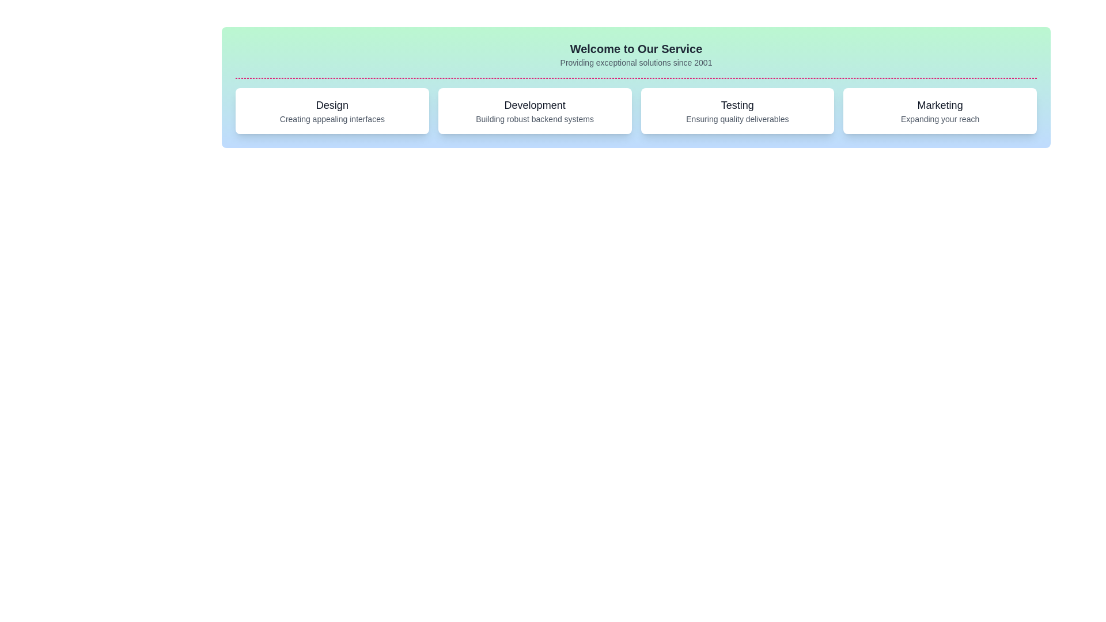 The image size is (1106, 622). I want to click on the text label displaying 'Creating appealing interfaces', which is located under the 'Design' header within the card layout, so click(331, 119).